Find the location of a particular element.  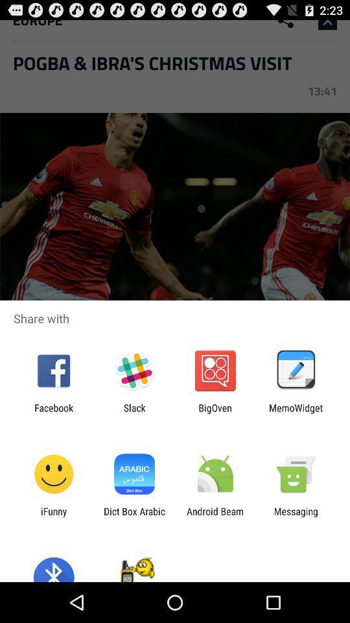

item to the left of the dict box arabic item is located at coordinates (53, 517).